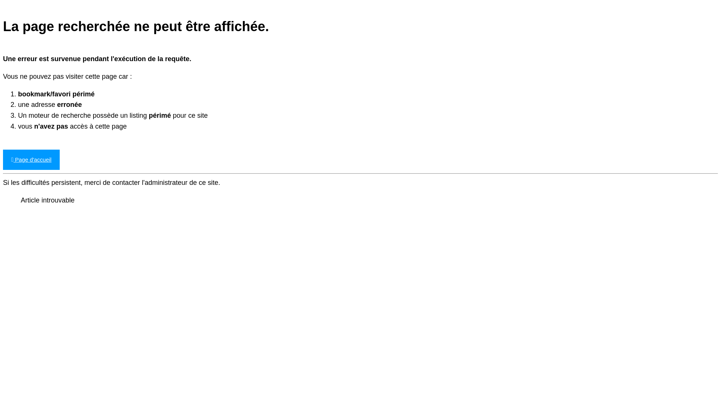 Image resolution: width=721 pixels, height=405 pixels. I want to click on 'Page d'accueil', so click(3, 159).